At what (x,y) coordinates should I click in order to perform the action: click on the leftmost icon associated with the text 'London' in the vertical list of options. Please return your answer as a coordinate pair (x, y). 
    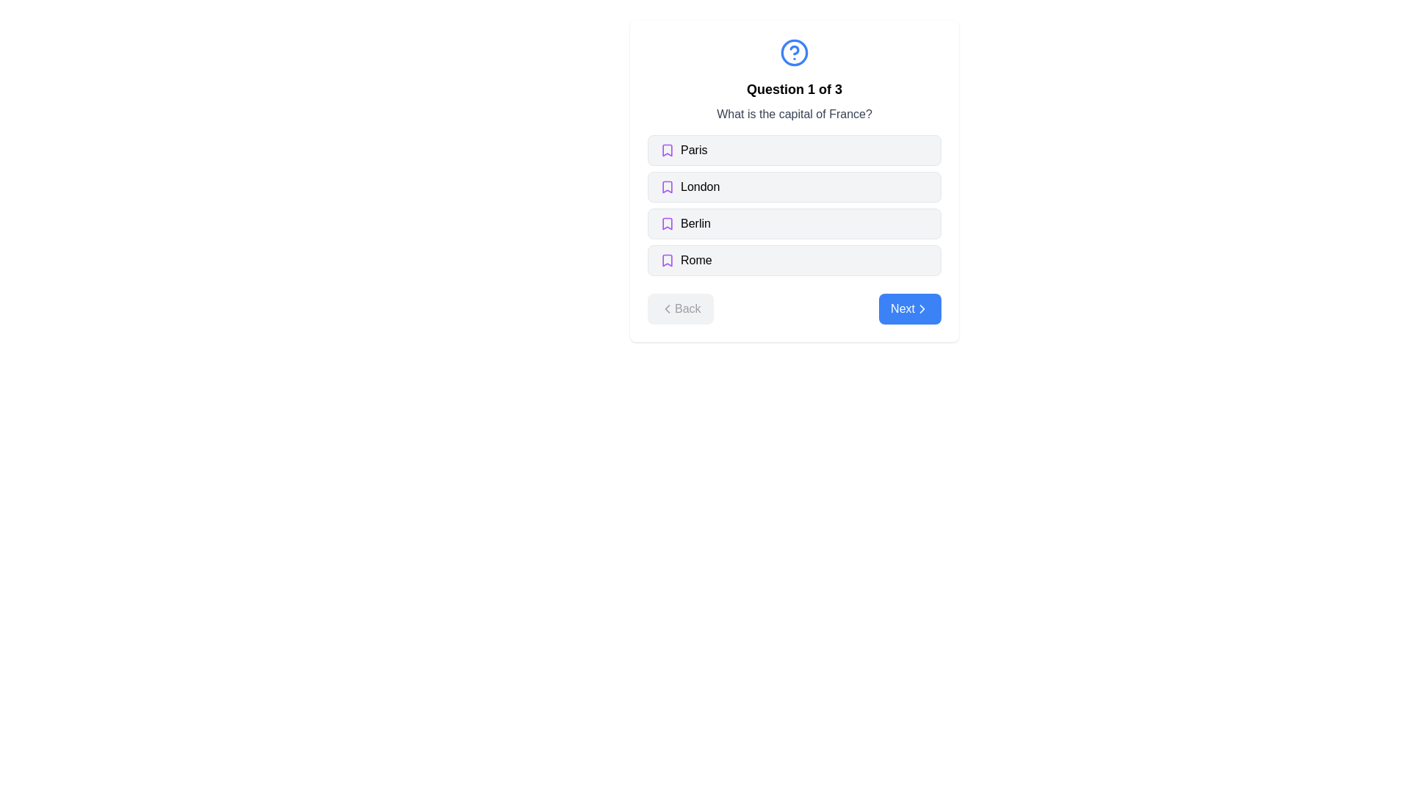
    Looking at the image, I should click on (666, 186).